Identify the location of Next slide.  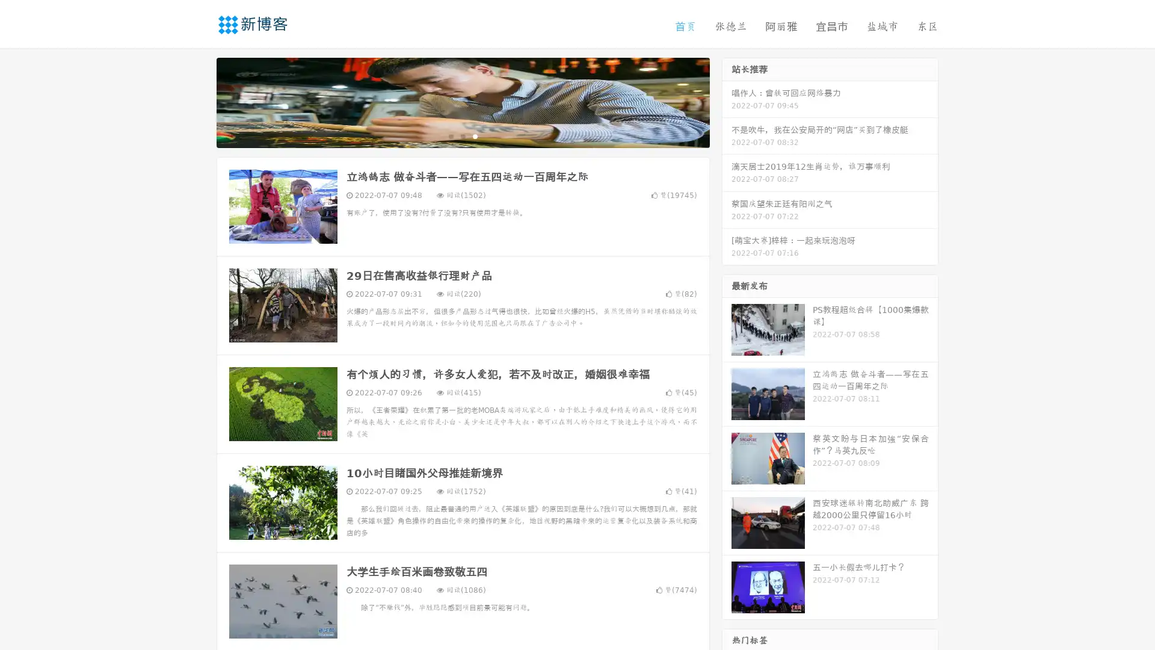
(727, 101).